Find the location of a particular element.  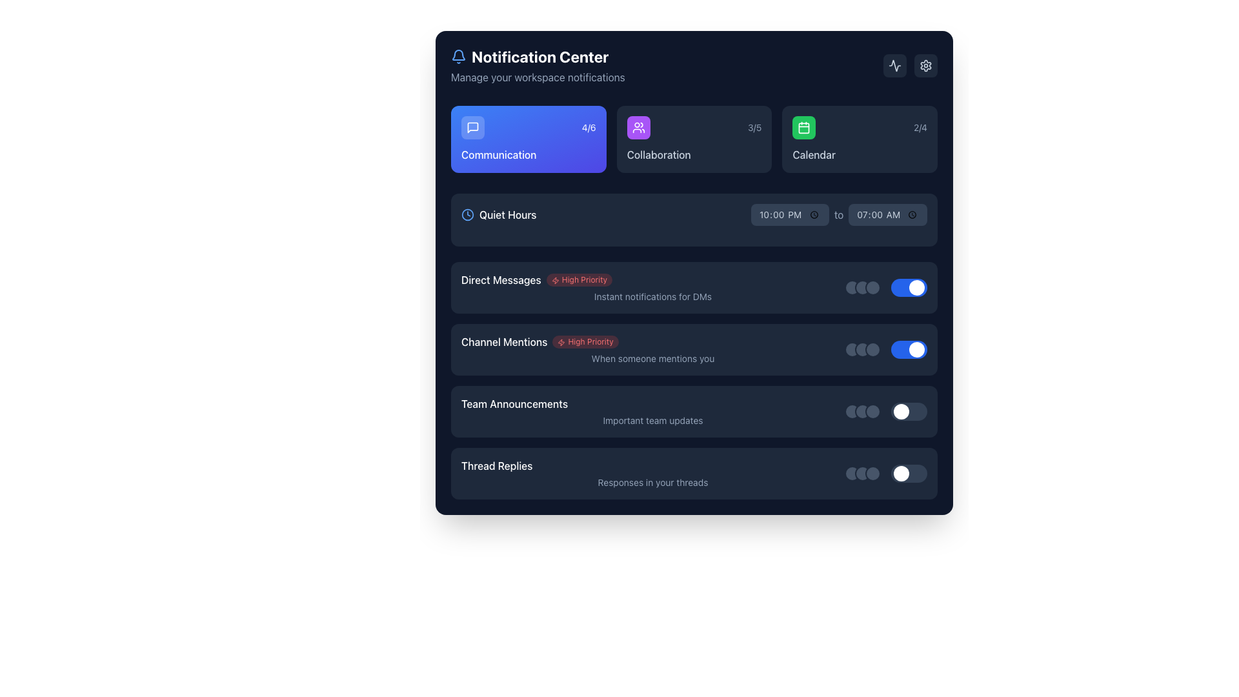

the third and rightmost circular indicator element in a group of three, located to the right of a toggle switch in the notifications management interface is located at coordinates (873, 287).